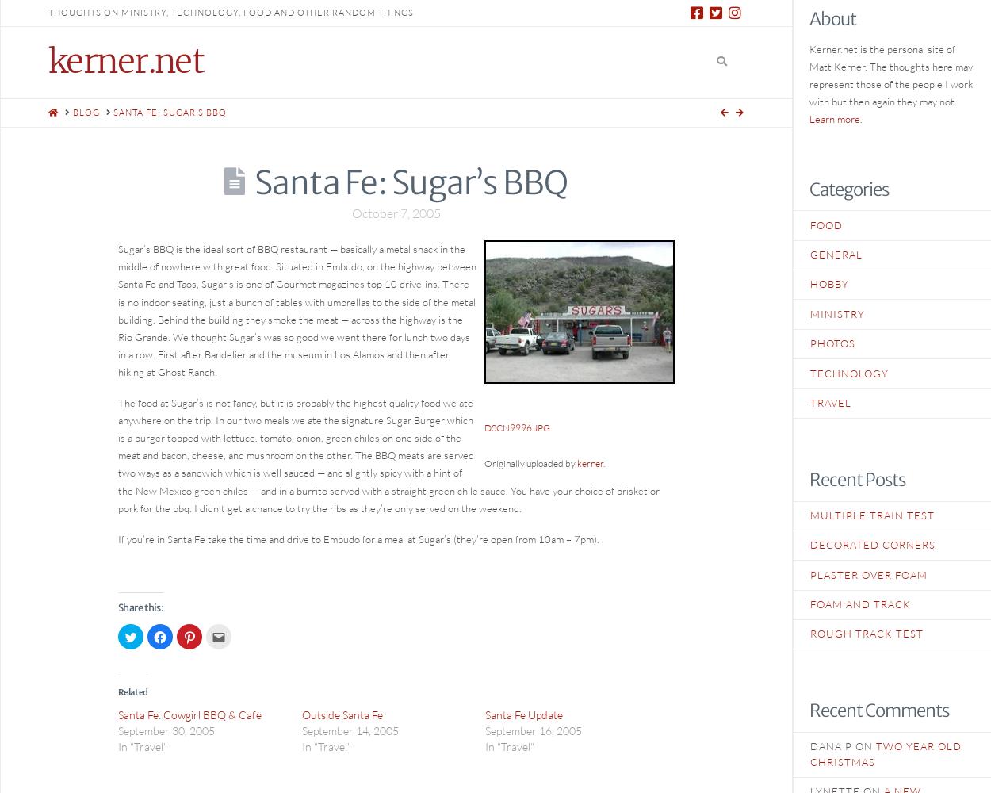 The height and width of the screenshot is (793, 991). What do you see at coordinates (296, 310) in the screenshot?
I see `'Sugar’s BBQ is the ideal sort of BBQ restaurant — basically a metal shack in the middle of nowhere with great food. Situated in Embudo, on the highway between Santa Fe and Taos, Sugar’s is one of Gourmet magazines top 10 drive-ins. There is no indoor seating, just a bunch of tables with umbrellas to the side of the metal building. Behind the building they smoke the meat — across the highway is the Rio Grande. We thought Sugar’s was so good we went there for lunch two days in a row. First after Bandelier and the museum in Los Alamos and then after hiking at Ghost Ranch.'` at bounding box center [296, 310].